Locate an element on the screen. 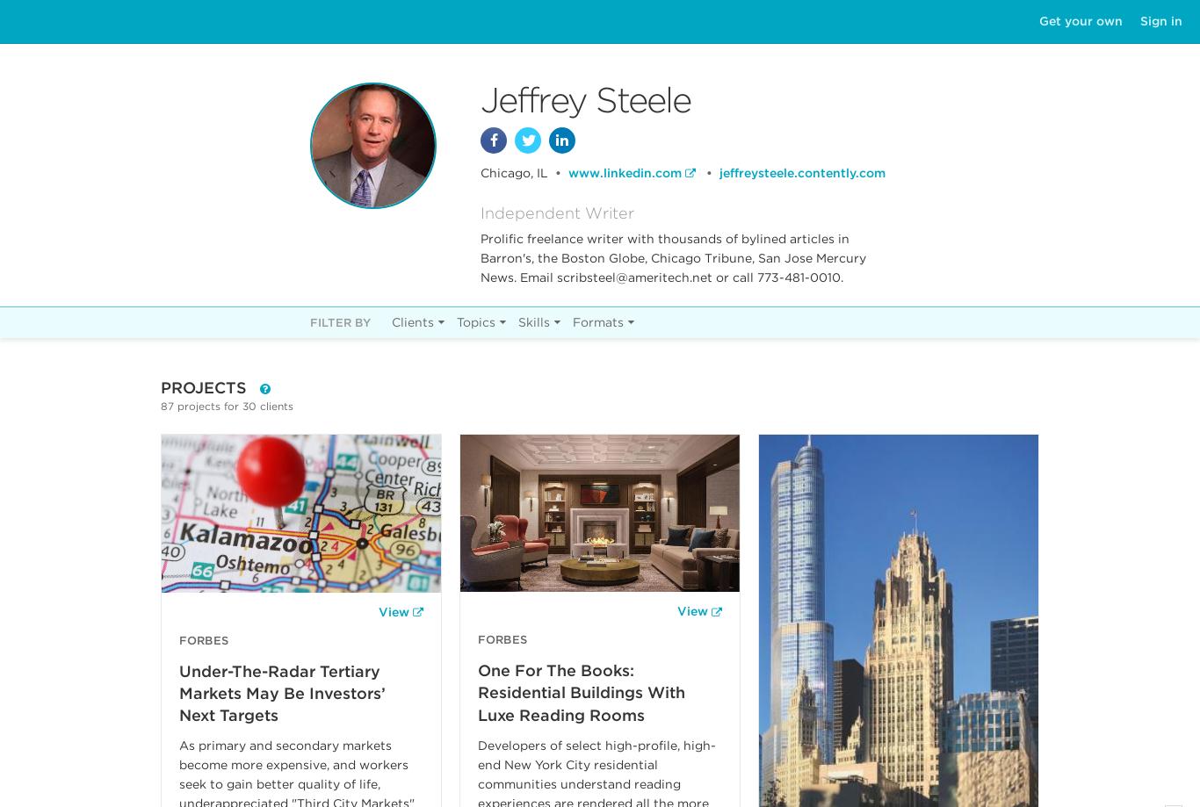 Image resolution: width=1200 pixels, height=807 pixels. 'Topics' is located at coordinates (476, 321).